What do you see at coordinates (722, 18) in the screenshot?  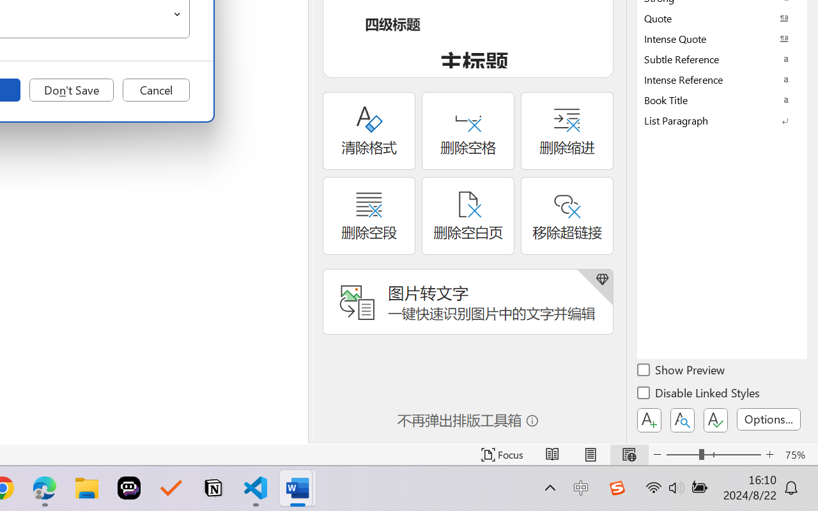 I see `'Quote'` at bounding box center [722, 18].